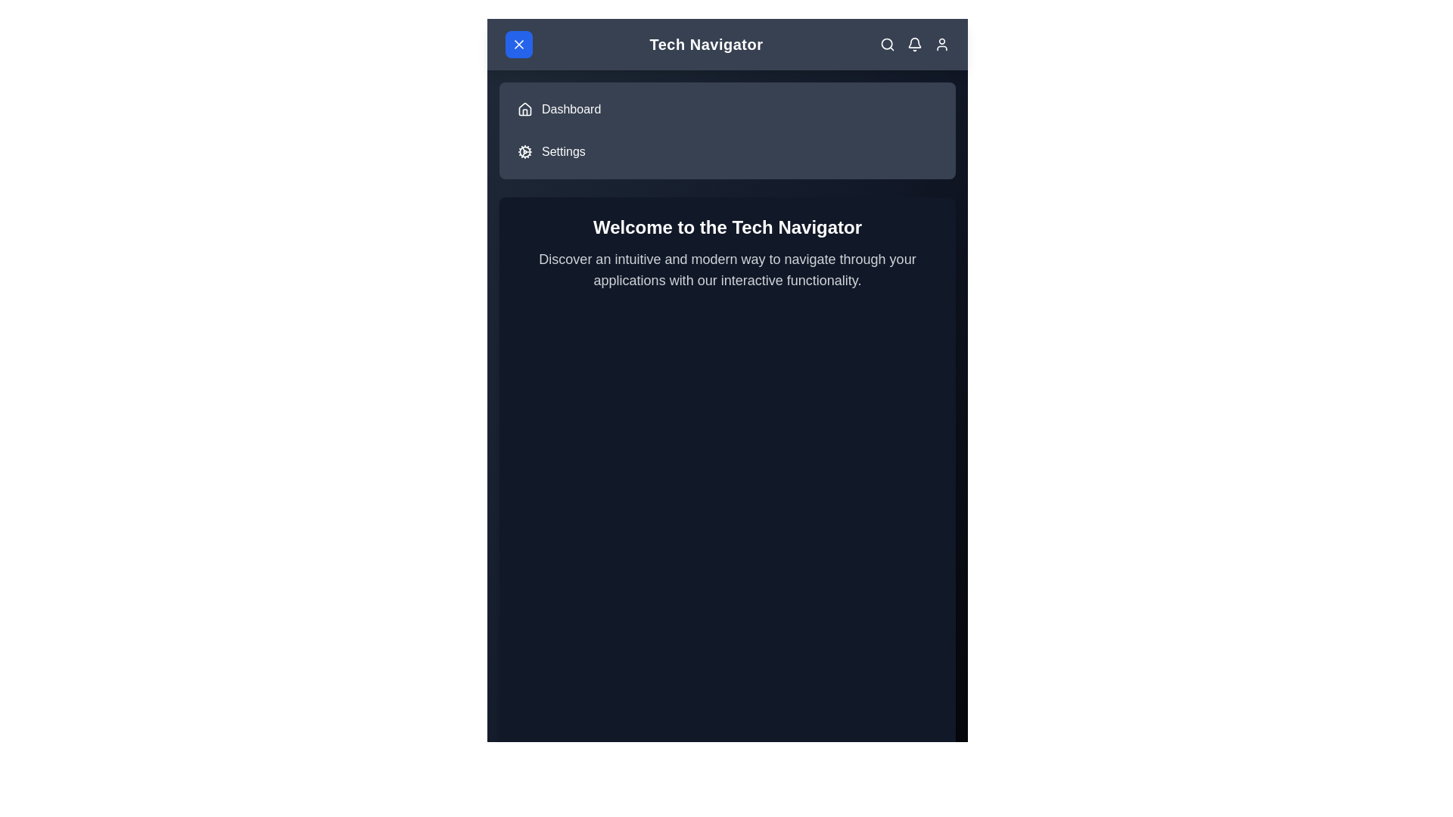  Describe the element at coordinates (914, 43) in the screenshot. I see `the Notifications icon in the top right corner of the app bar` at that location.